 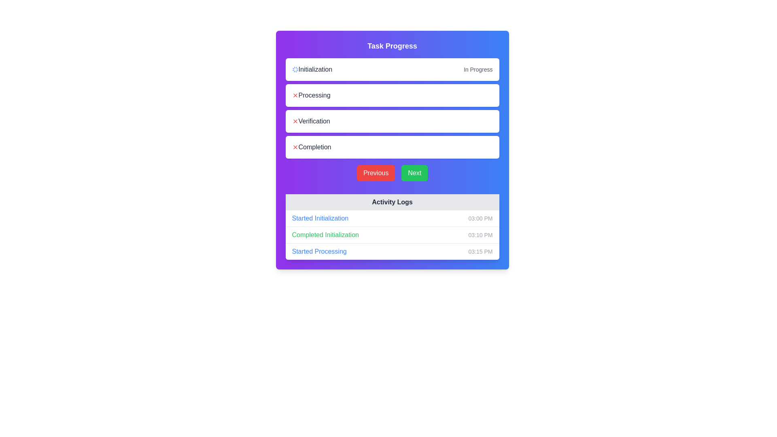 I want to click on the animation of the 'Initialization' text label, which is styled with a medium font weight and dark gray color, and is preceded by a spinning blue loader icon in the 'Task Progress' section, so click(x=312, y=69).